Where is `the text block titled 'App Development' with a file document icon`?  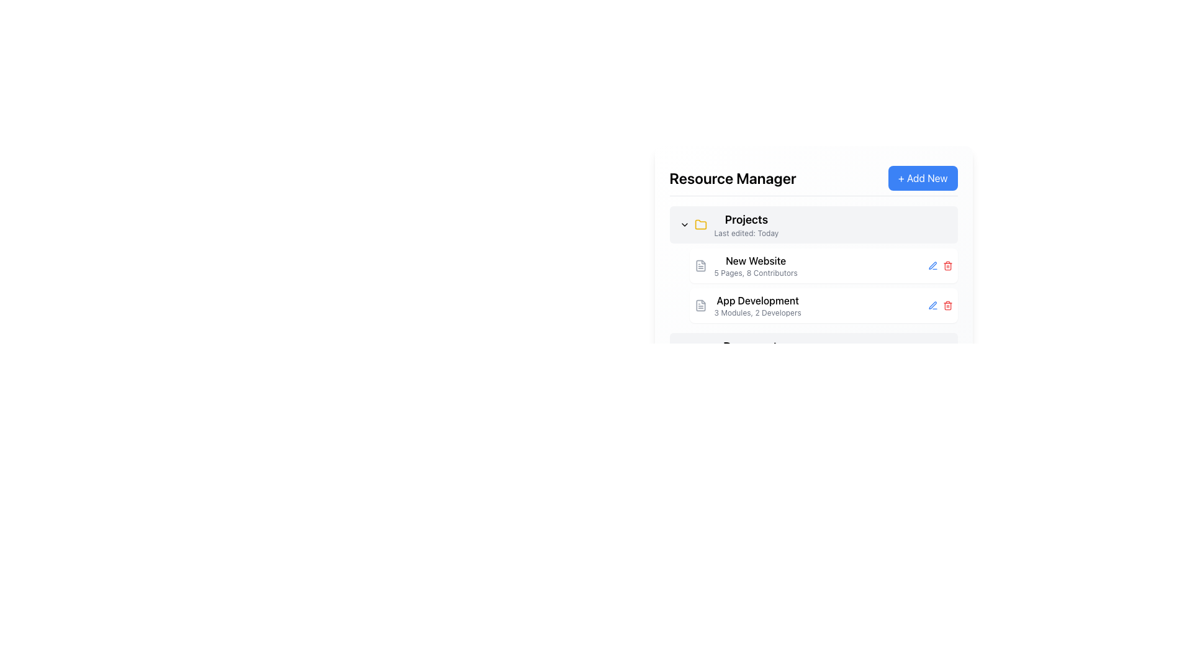 the text block titled 'App Development' with a file document icon is located at coordinates (747, 306).